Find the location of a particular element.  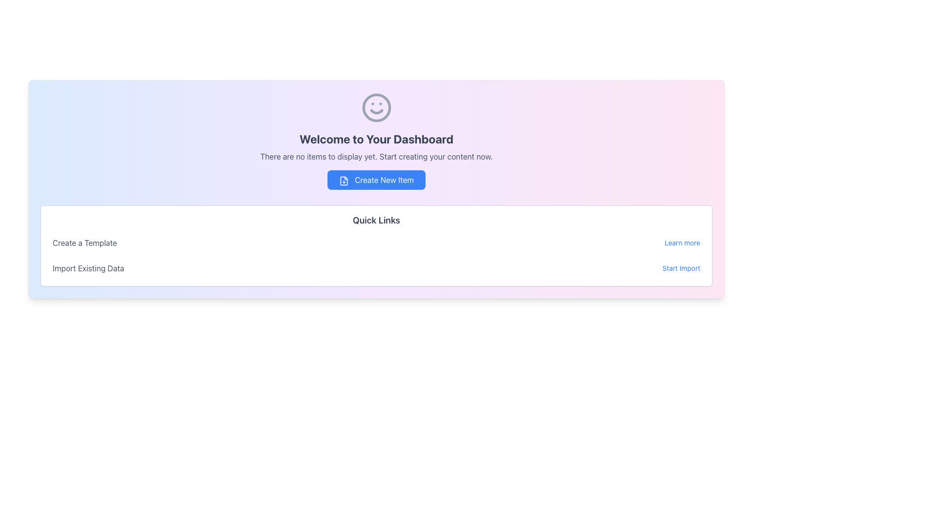

the rectangular blue button labeled 'Create New Item' with a document icon to initiate the creation action is located at coordinates (376, 180).